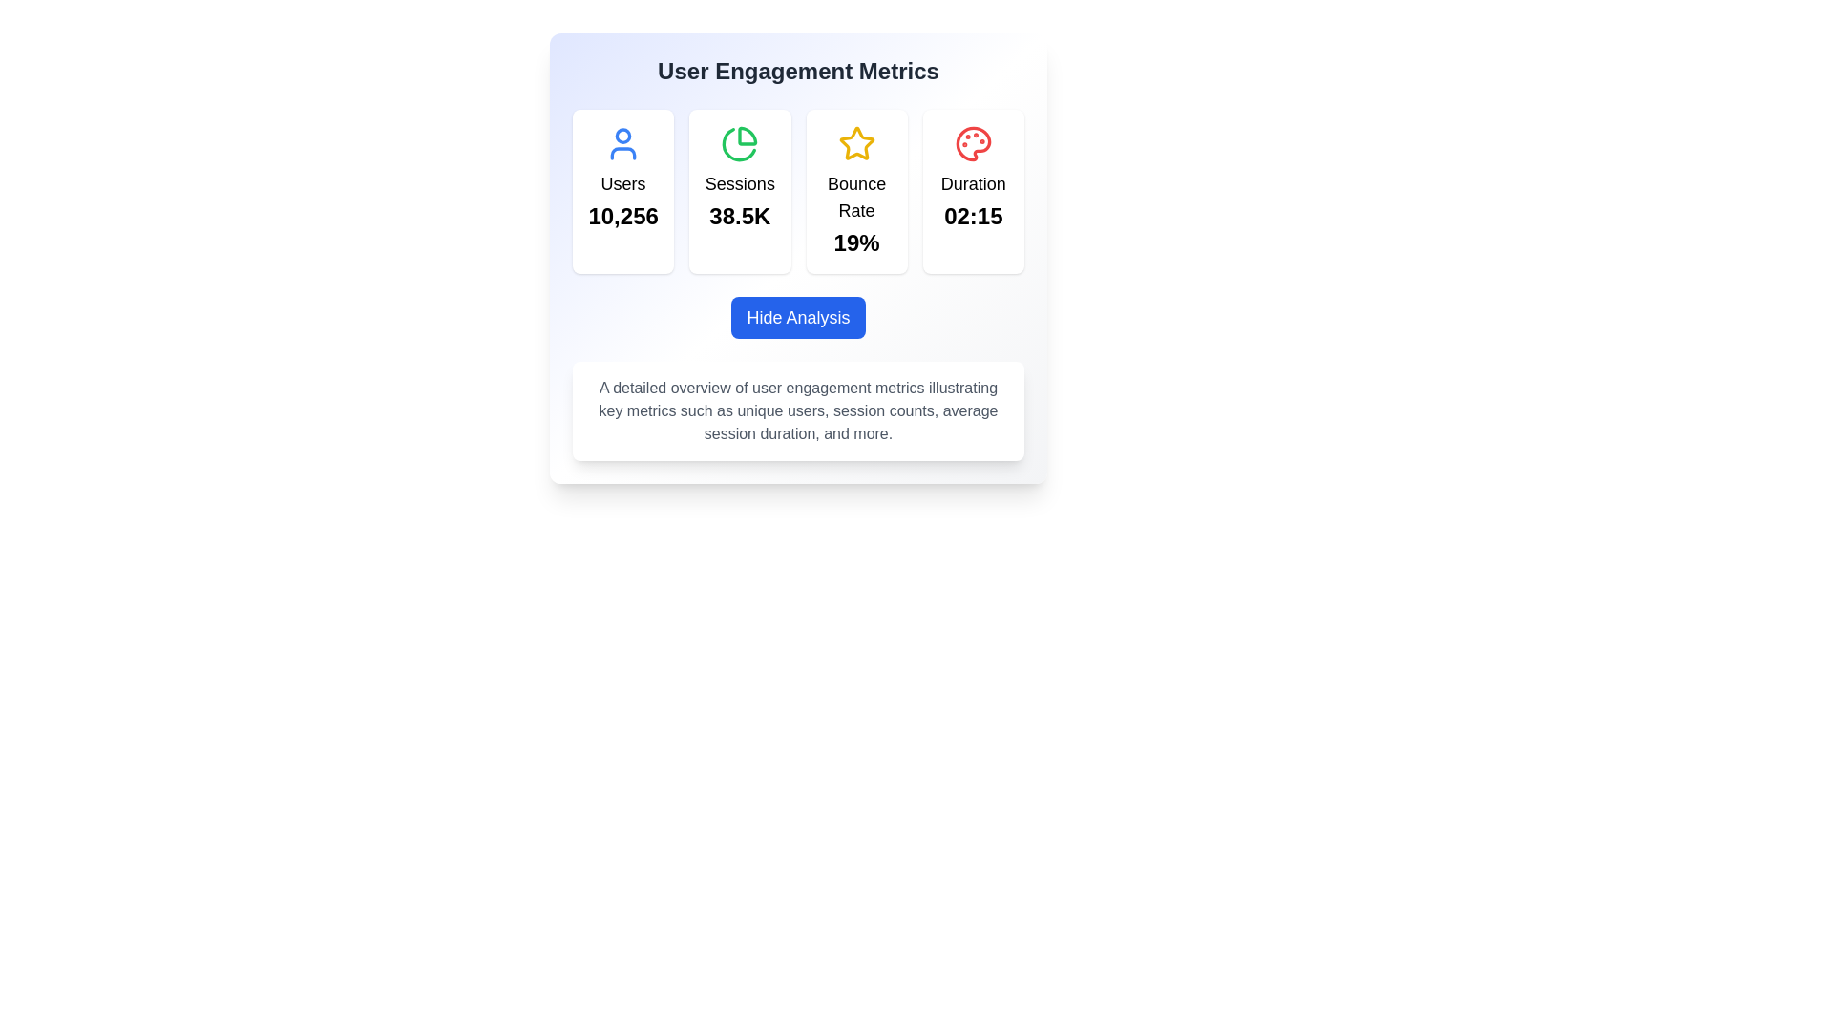 This screenshot has height=1031, width=1833. Describe the element at coordinates (739, 142) in the screenshot. I see `the green pie chart icon located at the top center of the 'Sessions' card, which is the second card from the left in a row of four cards` at that location.